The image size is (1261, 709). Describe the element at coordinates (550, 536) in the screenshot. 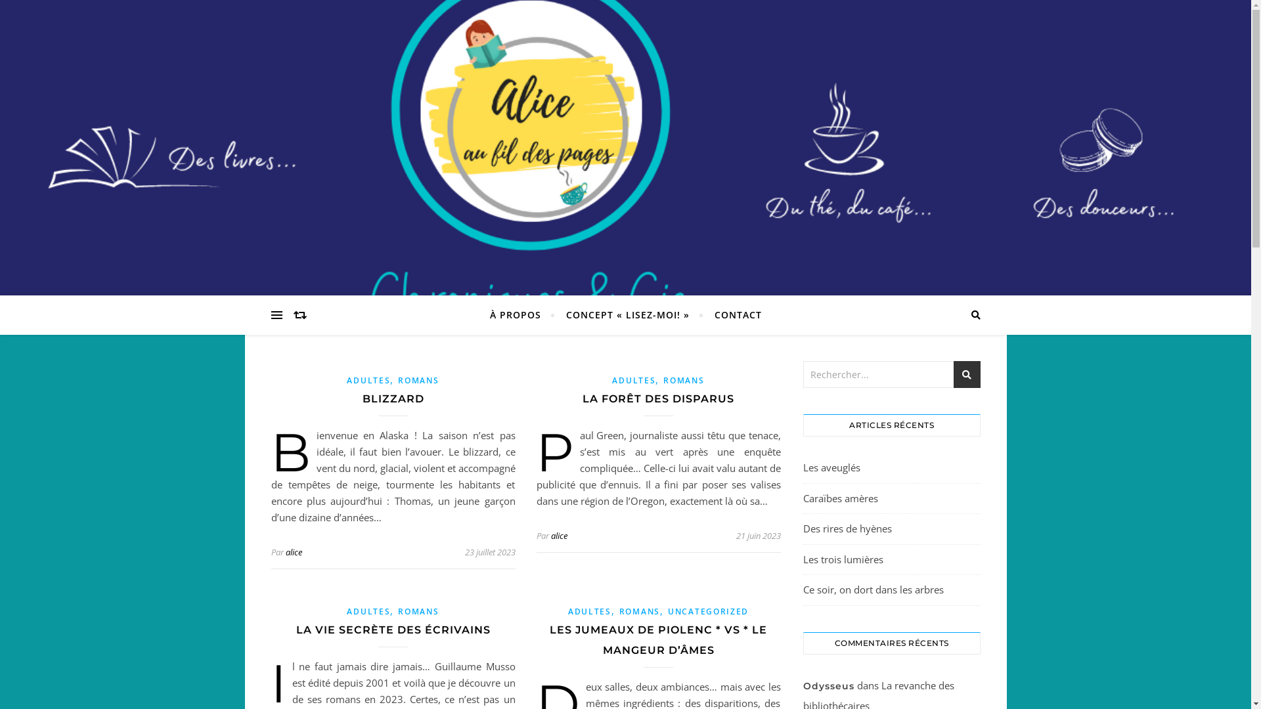

I see `'alice'` at that location.